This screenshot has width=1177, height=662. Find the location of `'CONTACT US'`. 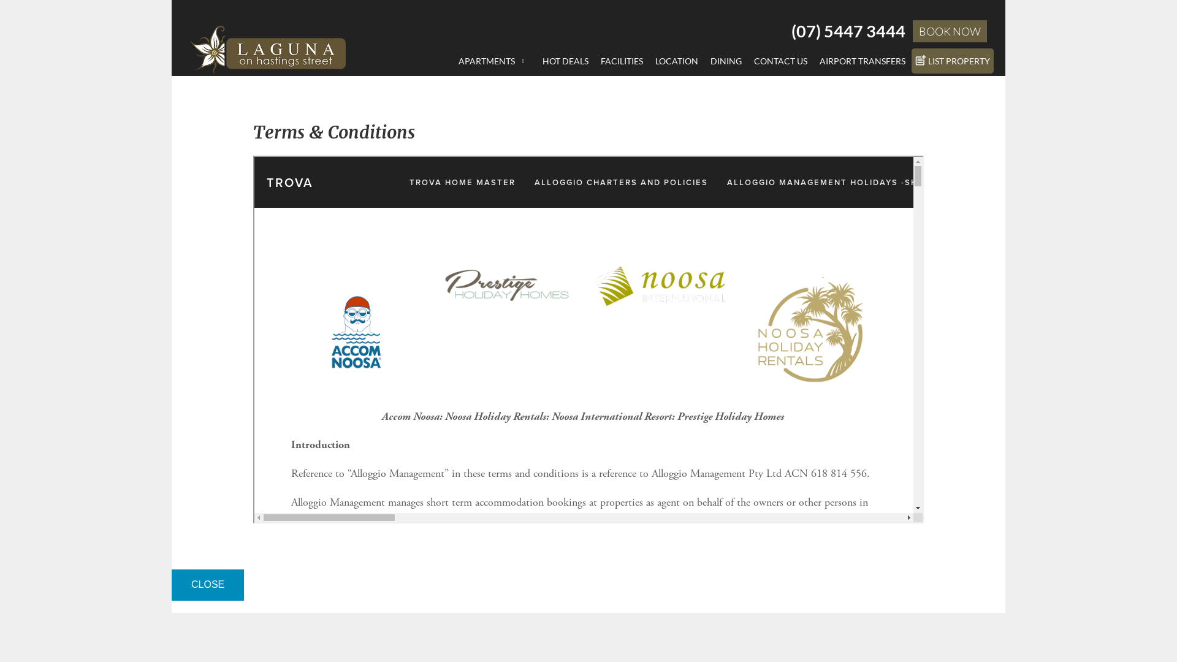

'CONTACT US' is located at coordinates (780, 61).